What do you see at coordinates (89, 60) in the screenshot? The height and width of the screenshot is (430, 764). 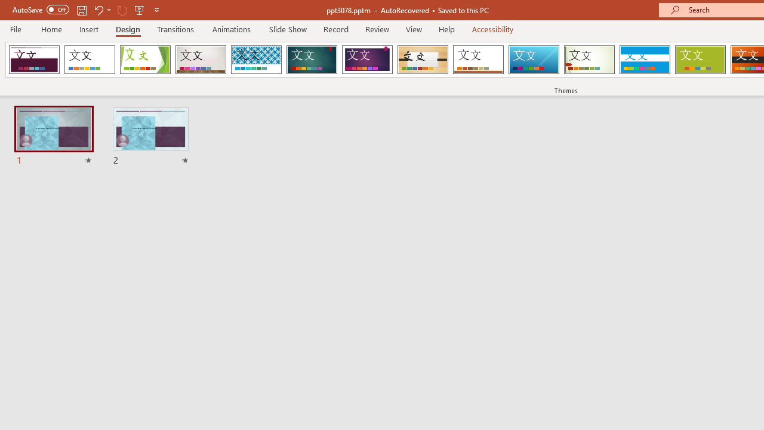 I see `'Office Theme'` at bounding box center [89, 60].